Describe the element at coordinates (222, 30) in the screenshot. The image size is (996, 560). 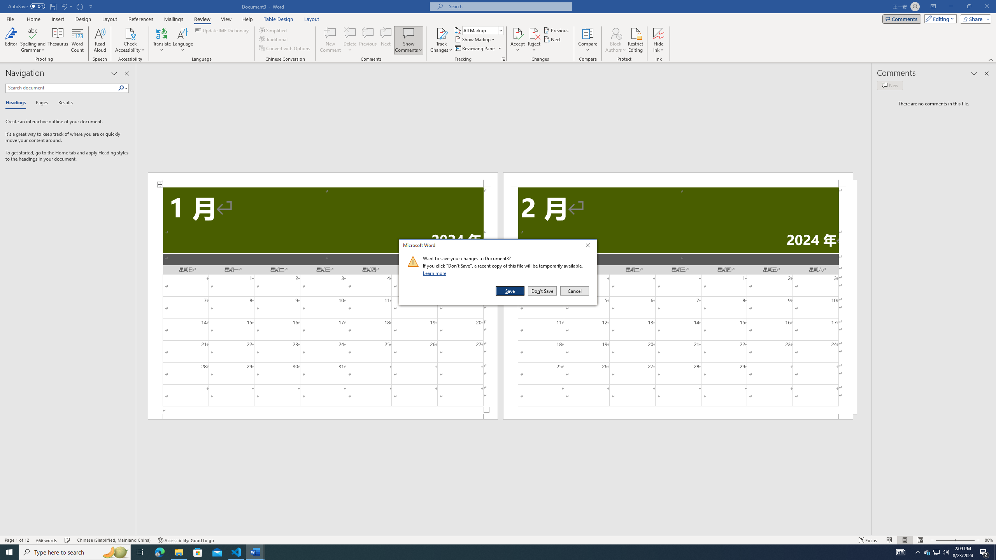
I see `'Update IME Dictionary...'` at that location.